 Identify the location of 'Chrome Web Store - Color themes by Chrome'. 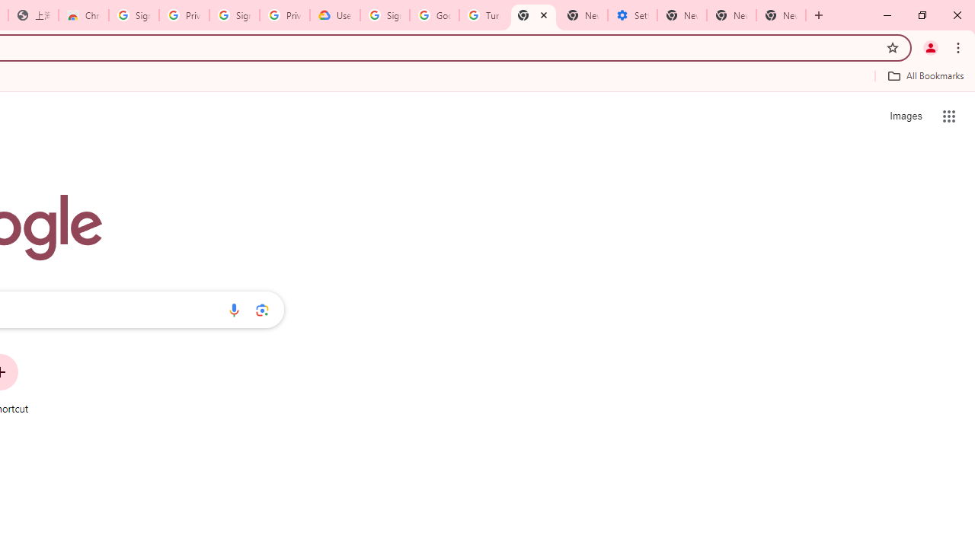
(83, 15).